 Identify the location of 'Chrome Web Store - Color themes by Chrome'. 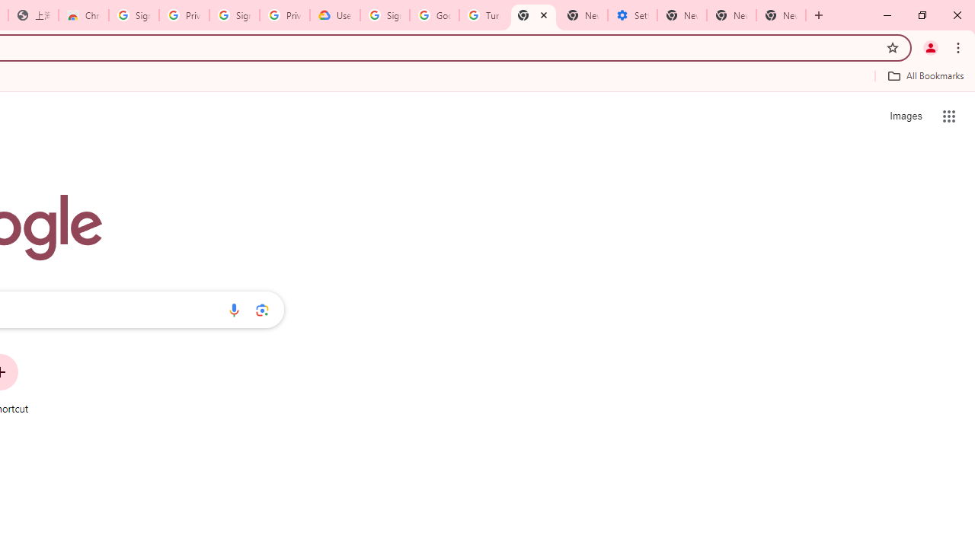
(83, 15).